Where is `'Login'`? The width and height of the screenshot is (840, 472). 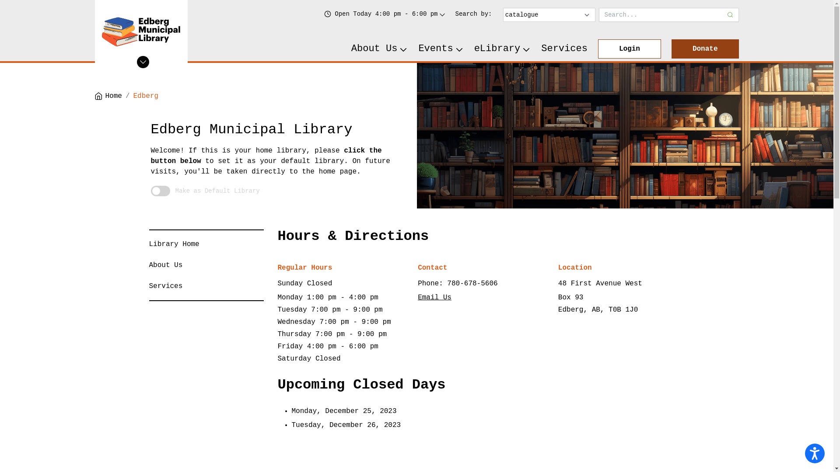
'Login' is located at coordinates (629, 49).